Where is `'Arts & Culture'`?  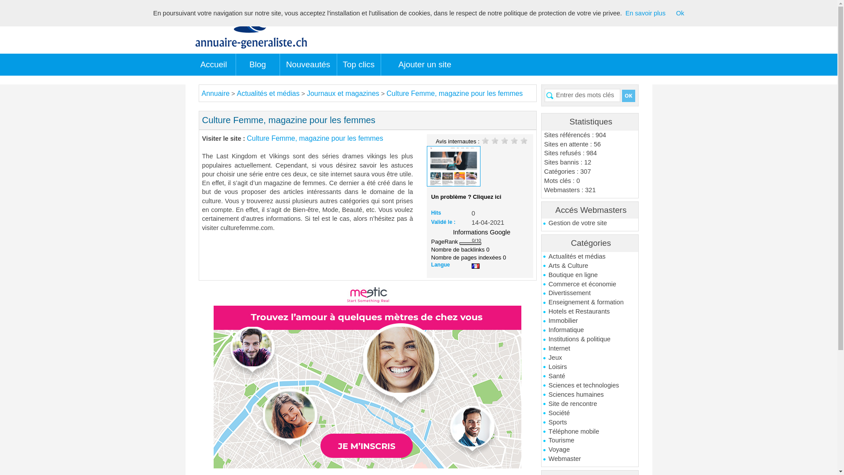 'Arts & Culture' is located at coordinates (590, 265).